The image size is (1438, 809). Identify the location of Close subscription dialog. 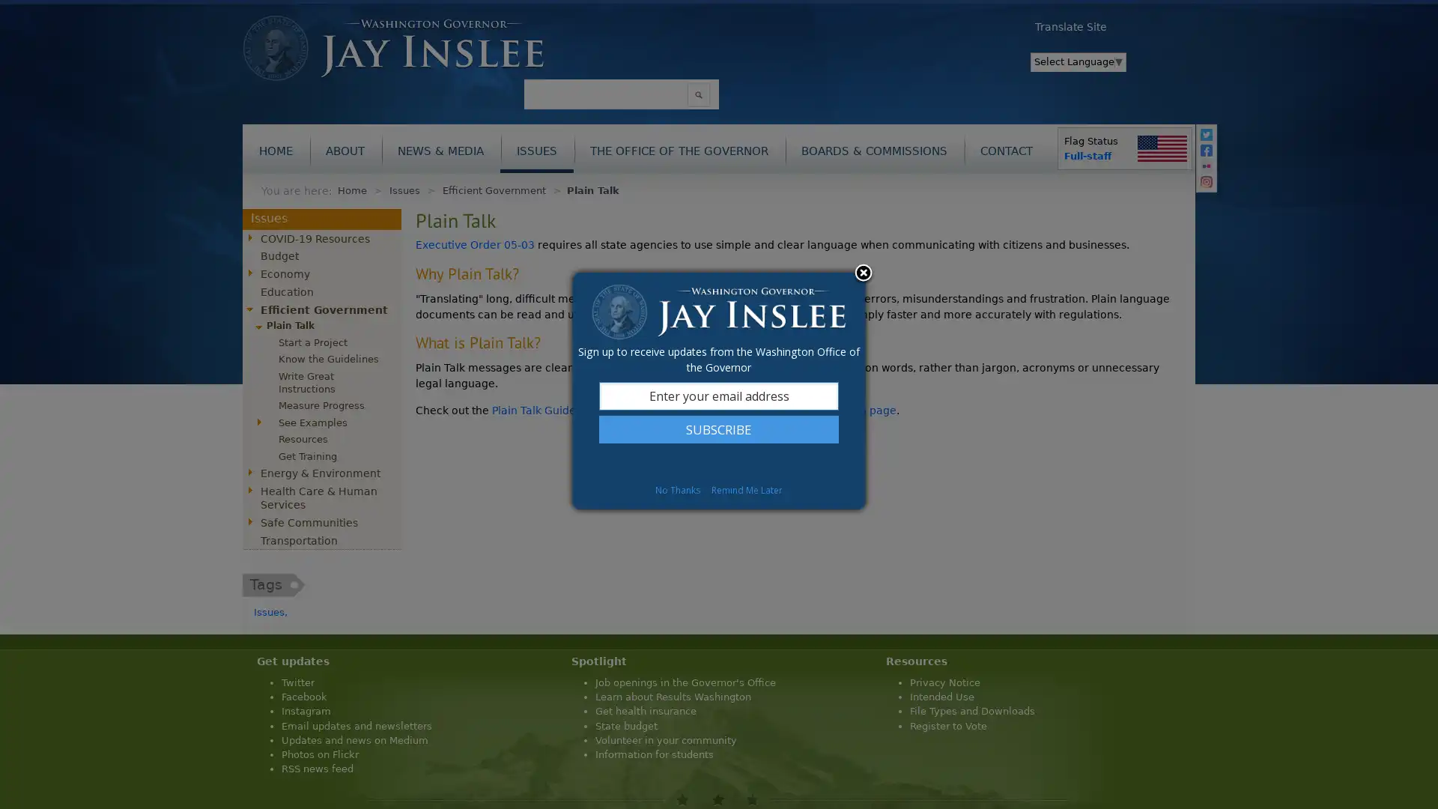
(863, 274).